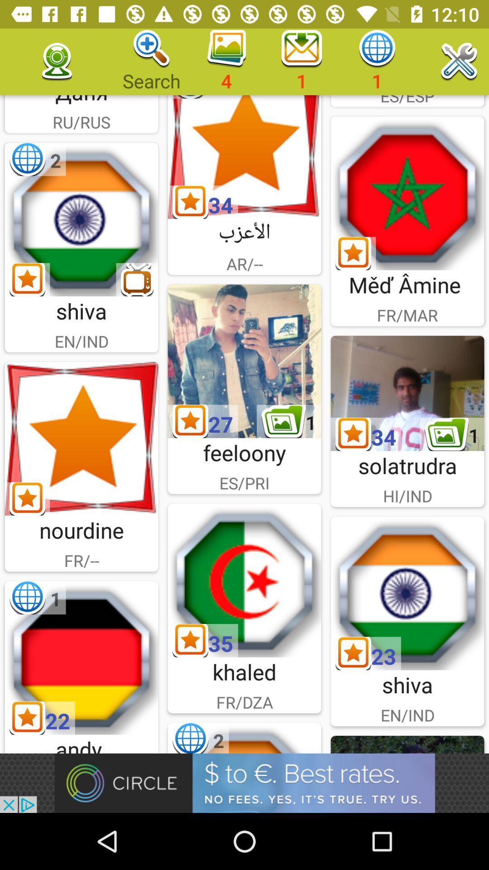 The width and height of the screenshot is (489, 870). I want to click on open app page, so click(81, 219).